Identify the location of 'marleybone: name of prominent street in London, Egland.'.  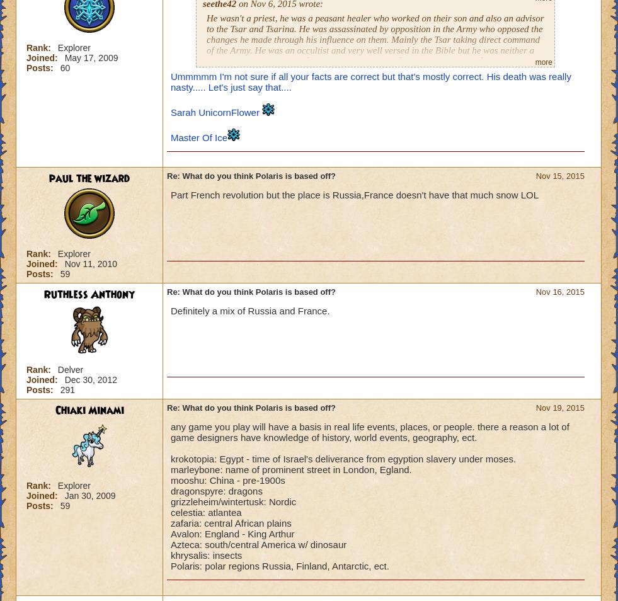
(290, 469).